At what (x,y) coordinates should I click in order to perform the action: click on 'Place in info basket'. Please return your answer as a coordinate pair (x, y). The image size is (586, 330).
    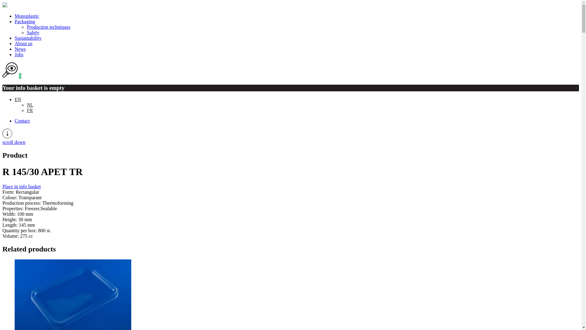
    Looking at the image, I should click on (2, 186).